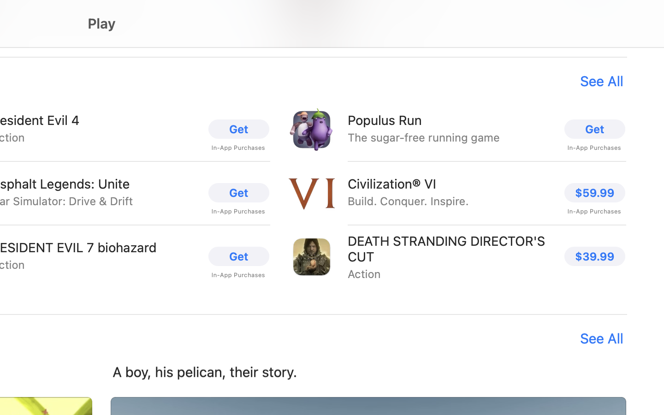  What do you see at coordinates (102, 23) in the screenshot?
I see `'Play'` at bounding box center [102, 23].